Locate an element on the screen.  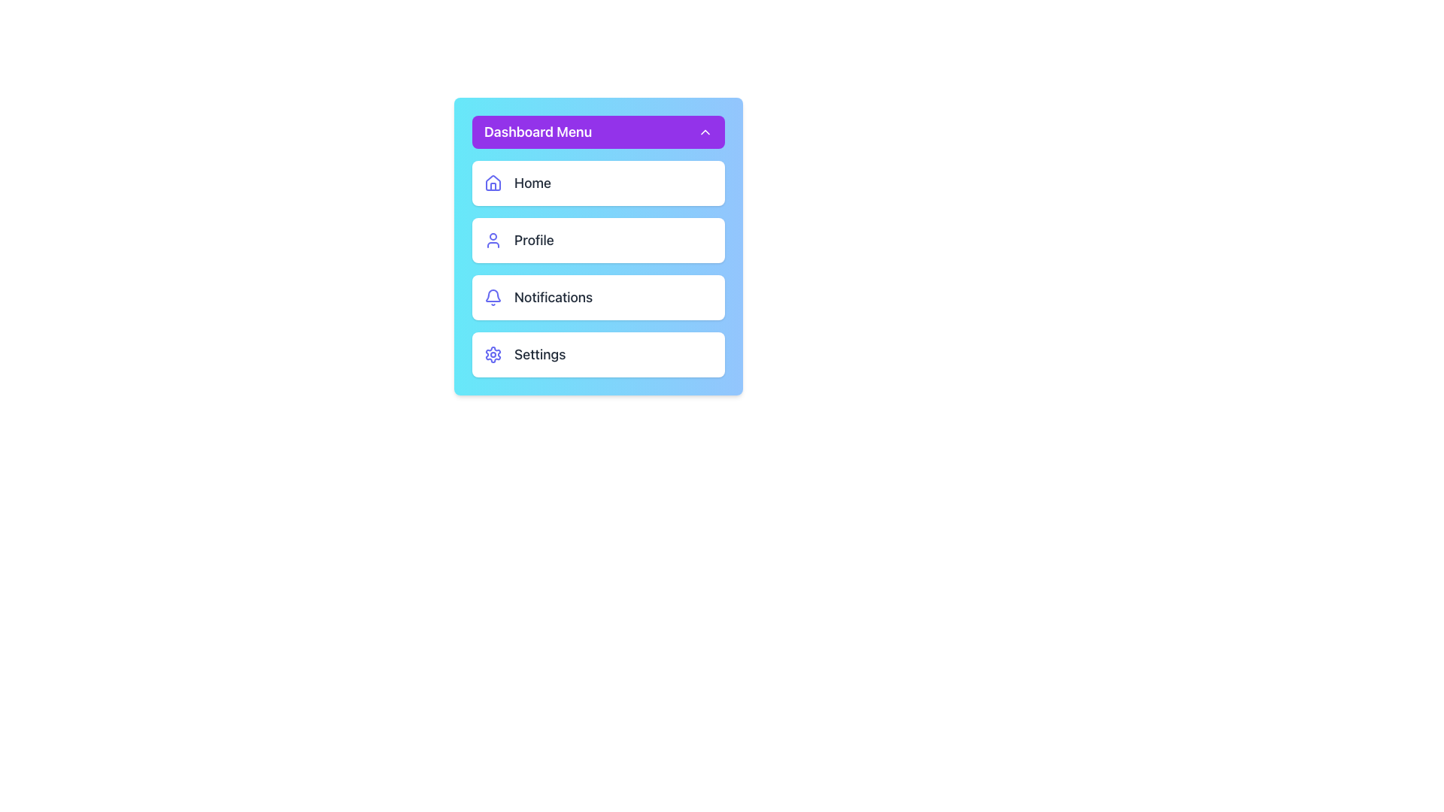
the 'Home' menu item, which is the first item in the Dashboard Menu is located at coordinates (598, 182).